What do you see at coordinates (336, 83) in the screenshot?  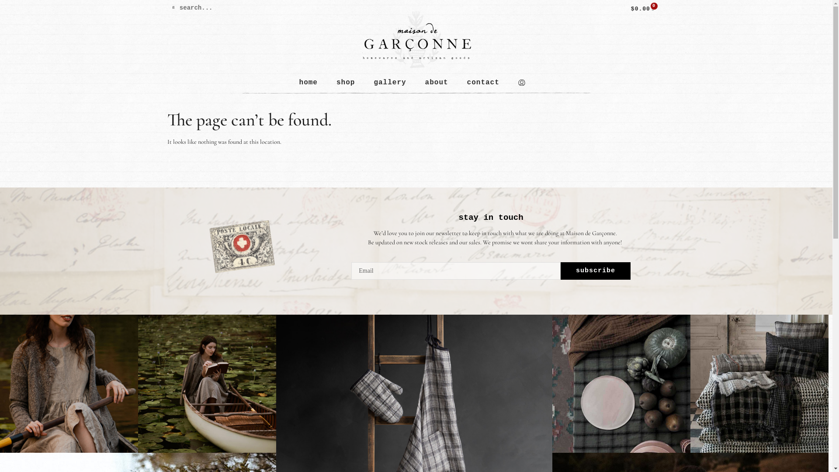 I see `'shop'` at bounding box center [336, 83].